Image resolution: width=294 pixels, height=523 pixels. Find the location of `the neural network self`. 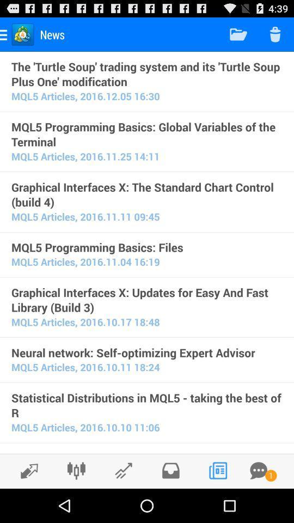

the neural network self is located at coordinates (147, 352).